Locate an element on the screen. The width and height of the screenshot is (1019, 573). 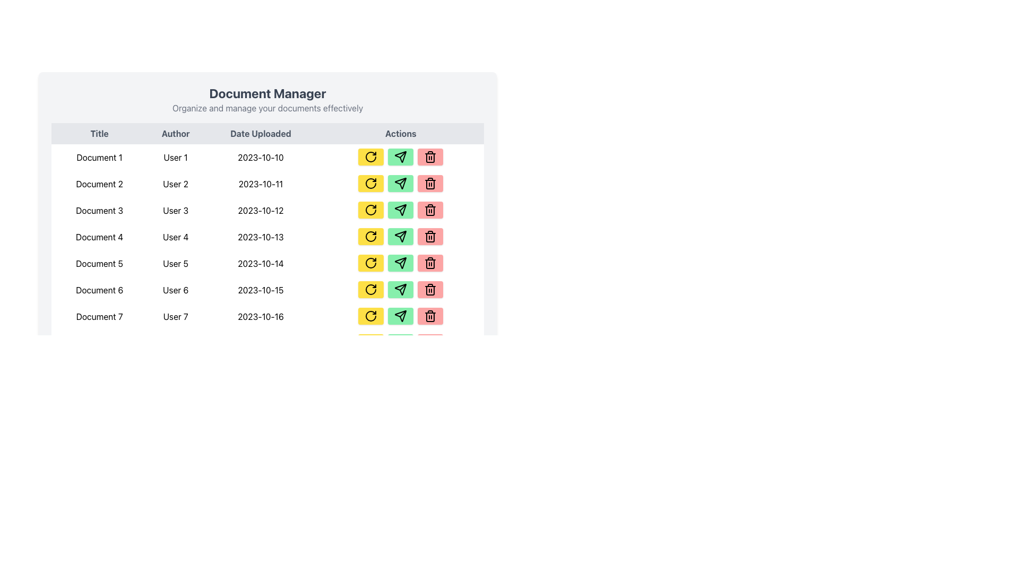
the reload icon located in the first position of the 'Actions' column for 'Document 4', which is near the center of the interface at the fourth row is located at coordinates (371, 236).